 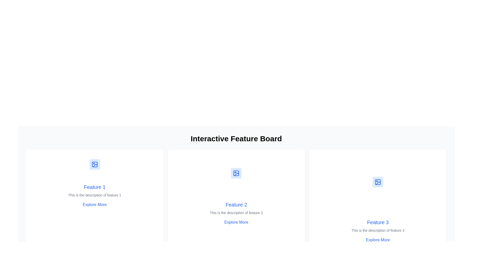 I want to click on the graphical indicator element resembling a slanted line with an arrow, located within the blue multimedia icon in the third feature block on the right, so click(x=378, y=183).